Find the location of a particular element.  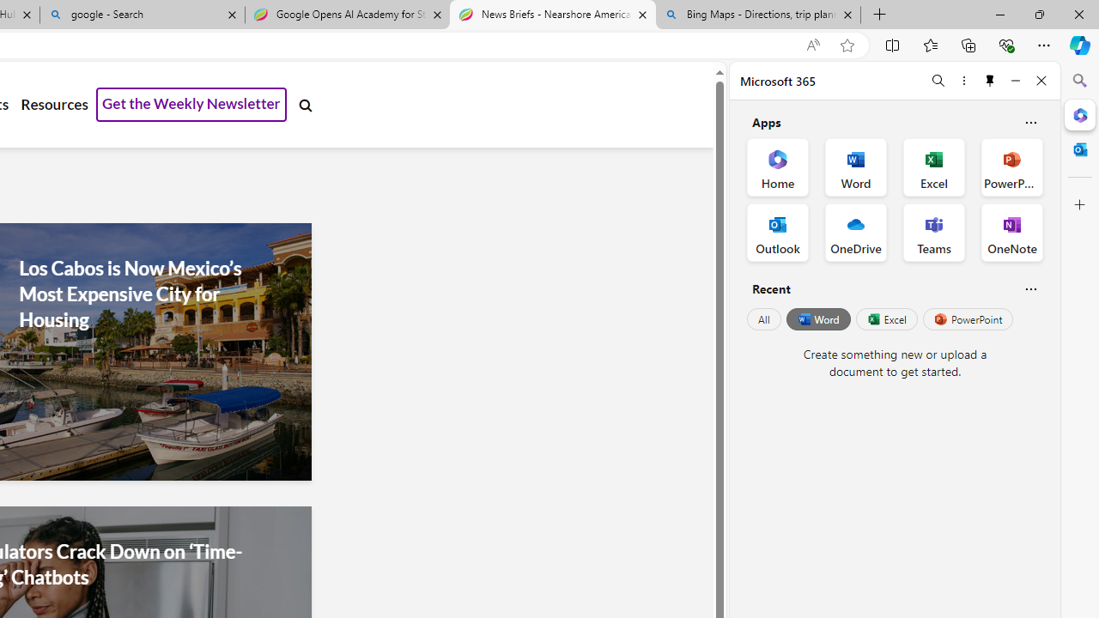

'Excel' is located at coordinates (886, 319).